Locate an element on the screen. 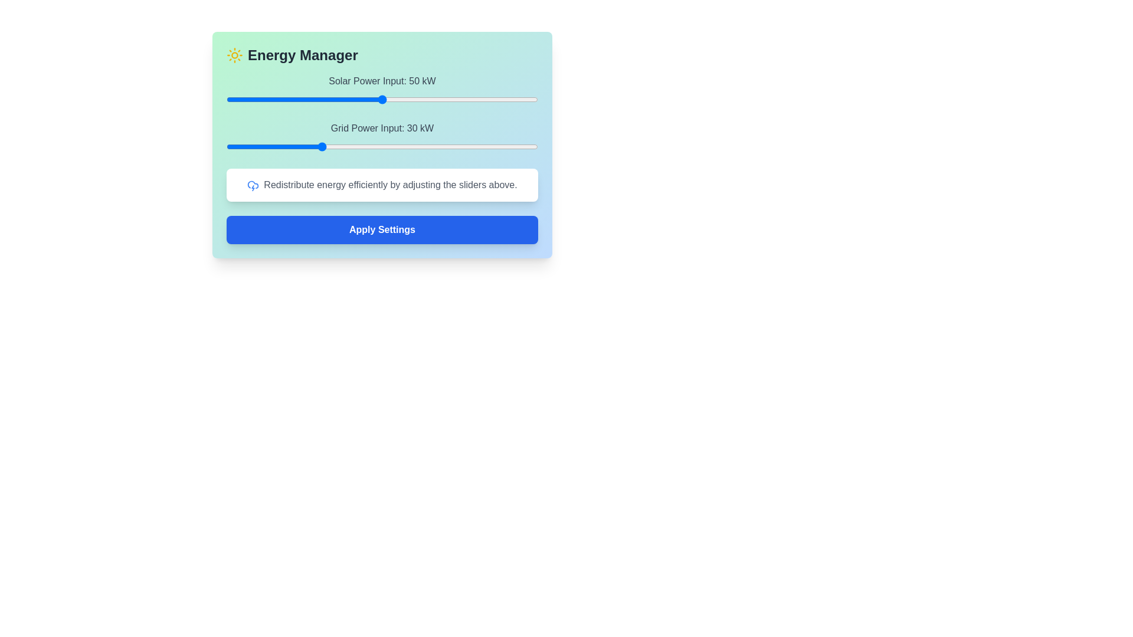 This screenshot has height=637, width=1133. the 'Apply Settings' button is located at coordinates (382, 229).